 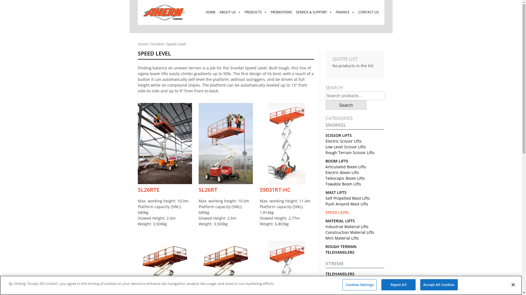 I want to click on 'PROMOTIONS', so click(x=268, y=12).